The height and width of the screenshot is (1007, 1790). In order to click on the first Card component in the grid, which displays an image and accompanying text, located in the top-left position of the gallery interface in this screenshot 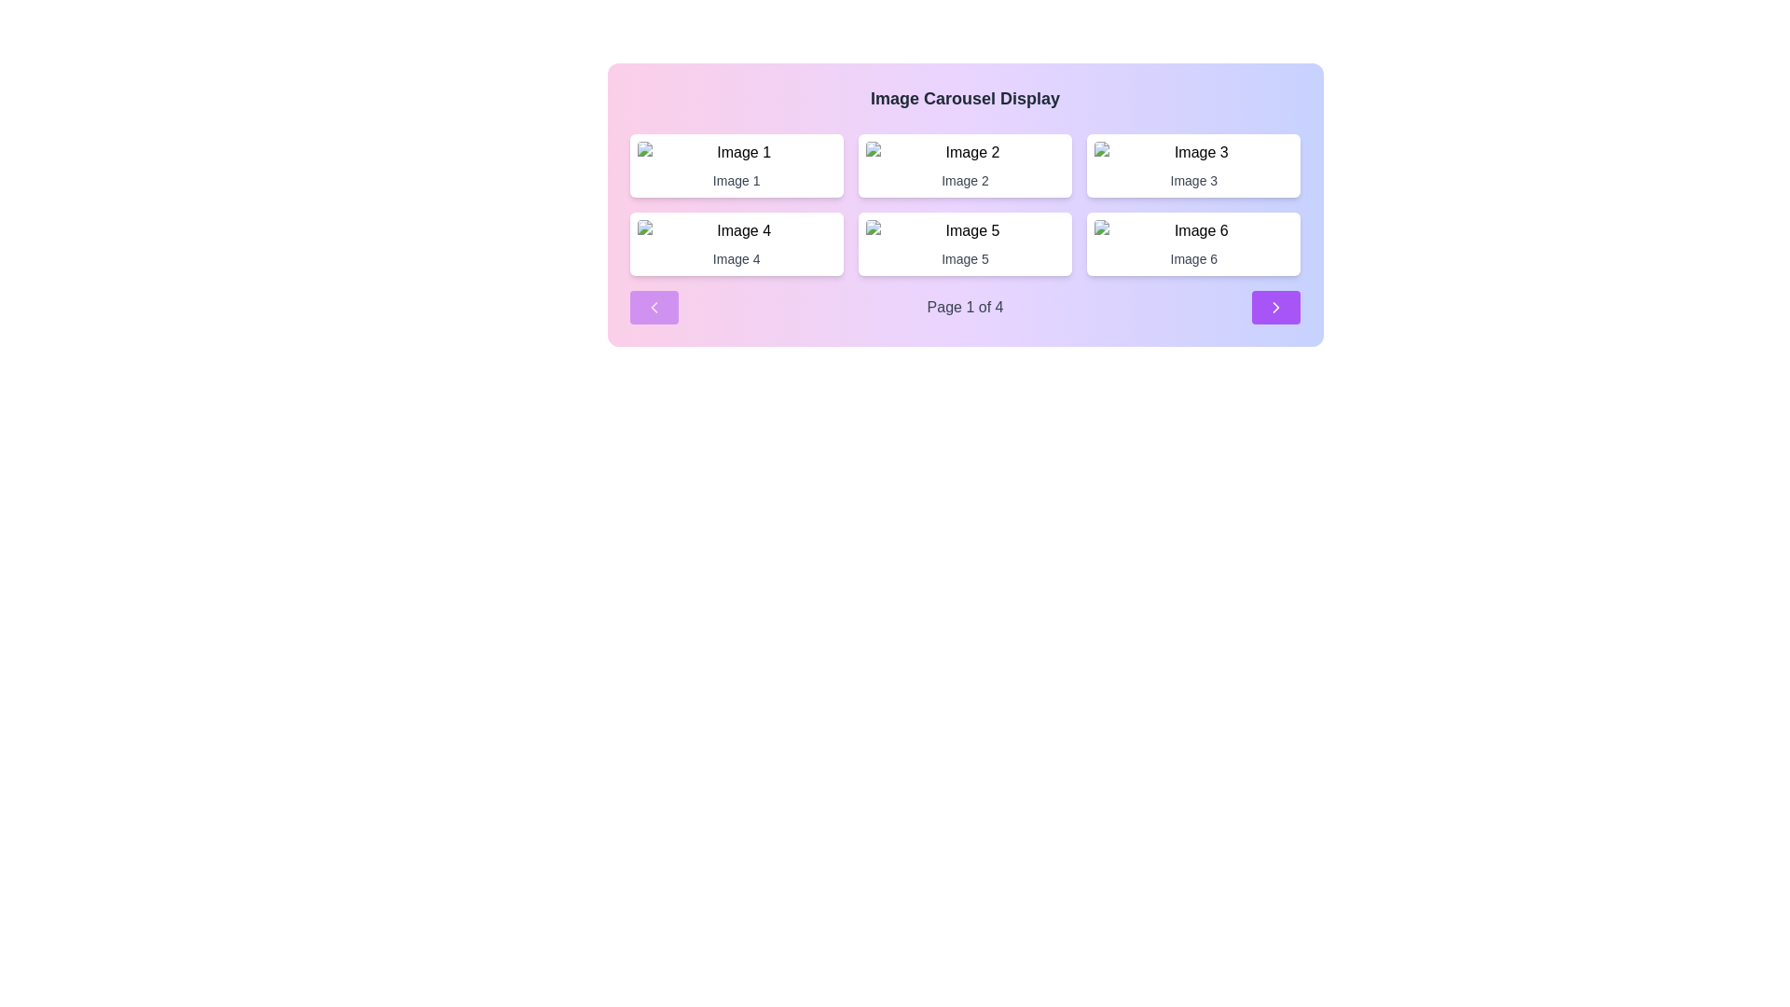, I will do `click(736, 164)`.